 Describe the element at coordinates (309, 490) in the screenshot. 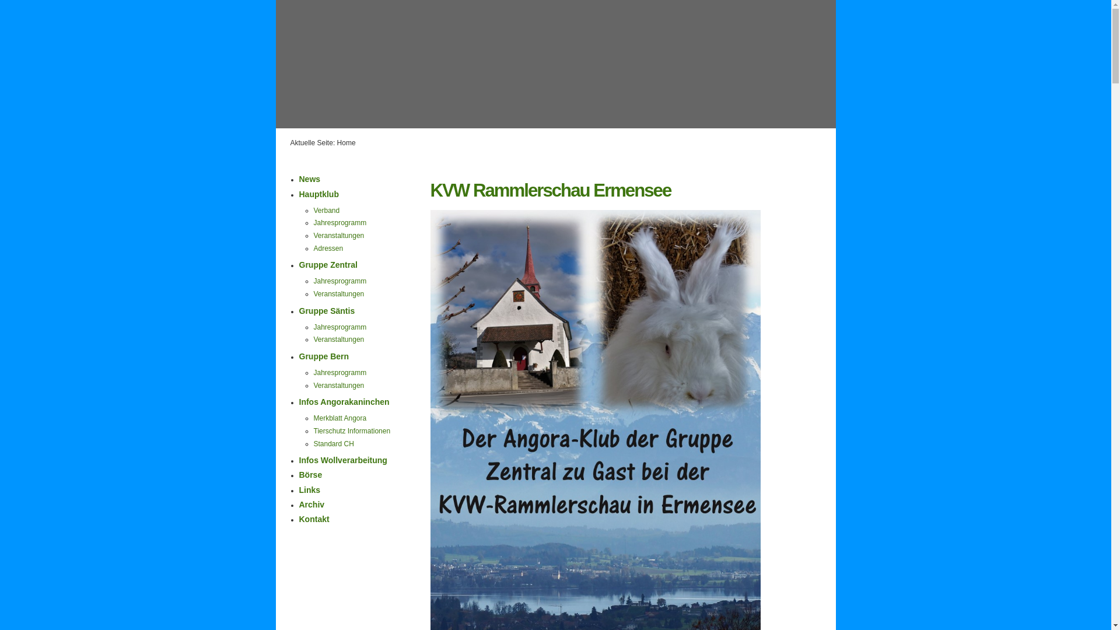

I see `'Links'` at that location.